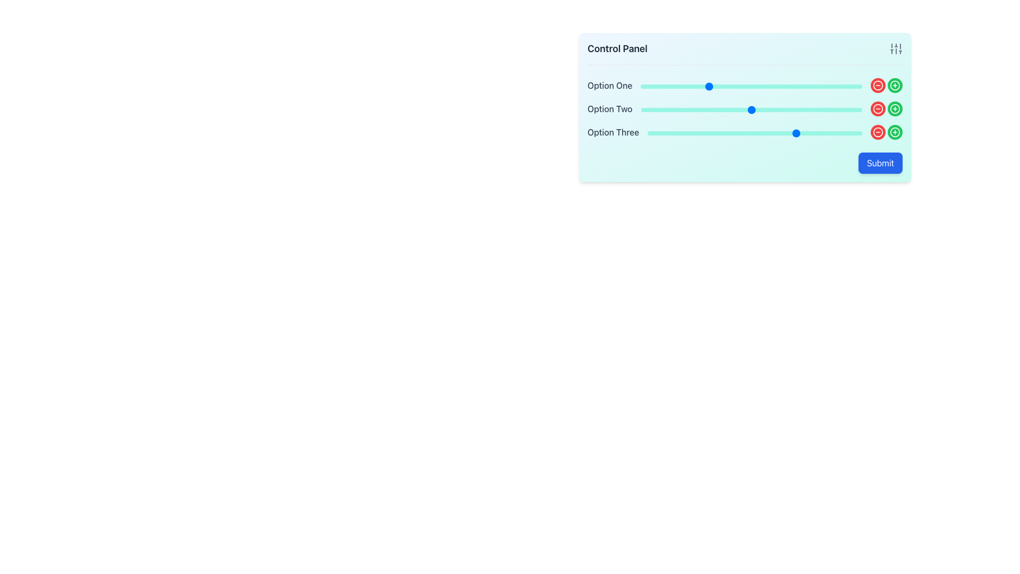 This screenshot has width=1020, height=574. What do you see at coordinates (894, 108) in the screenshot?
I see `the green circular button with a plus icon to increment a value` at bounding box center [894, 108].